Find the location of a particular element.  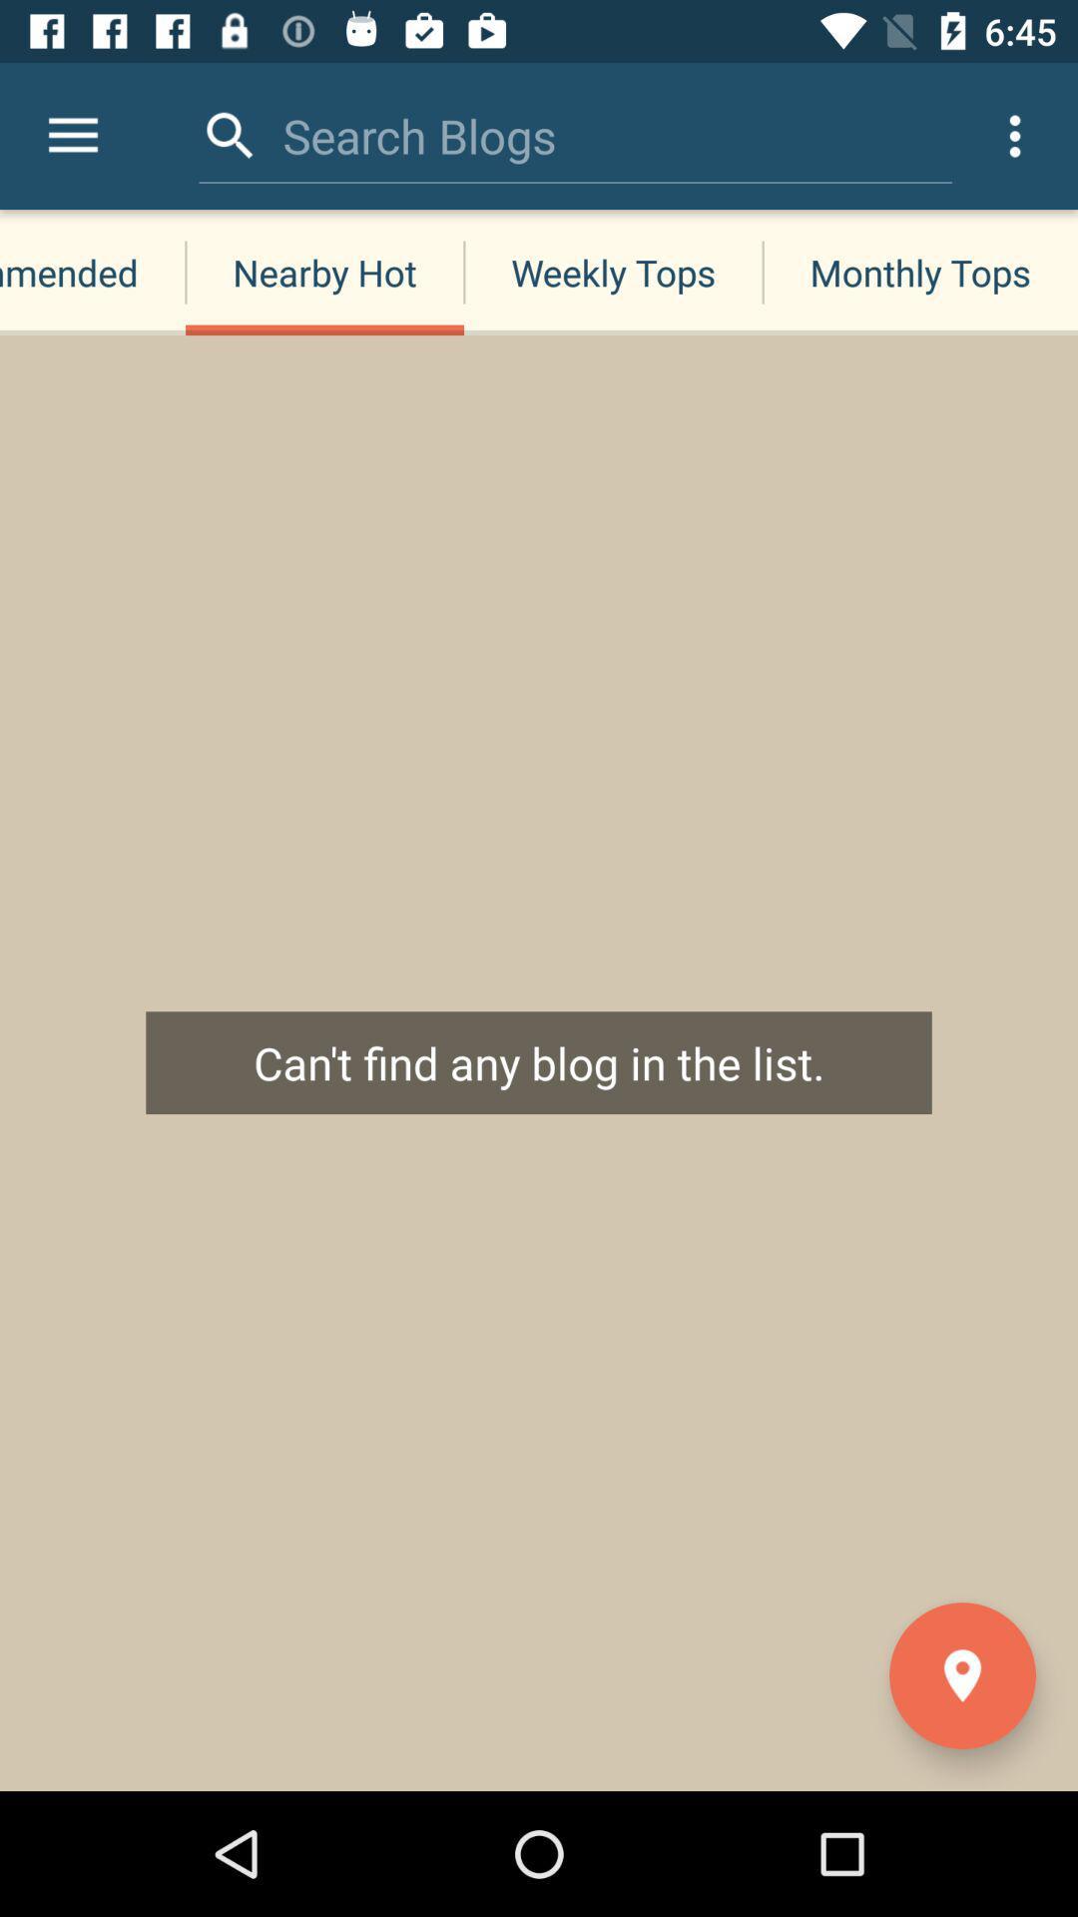

item next to weekly tops icon is located at coordinates (920, 272).